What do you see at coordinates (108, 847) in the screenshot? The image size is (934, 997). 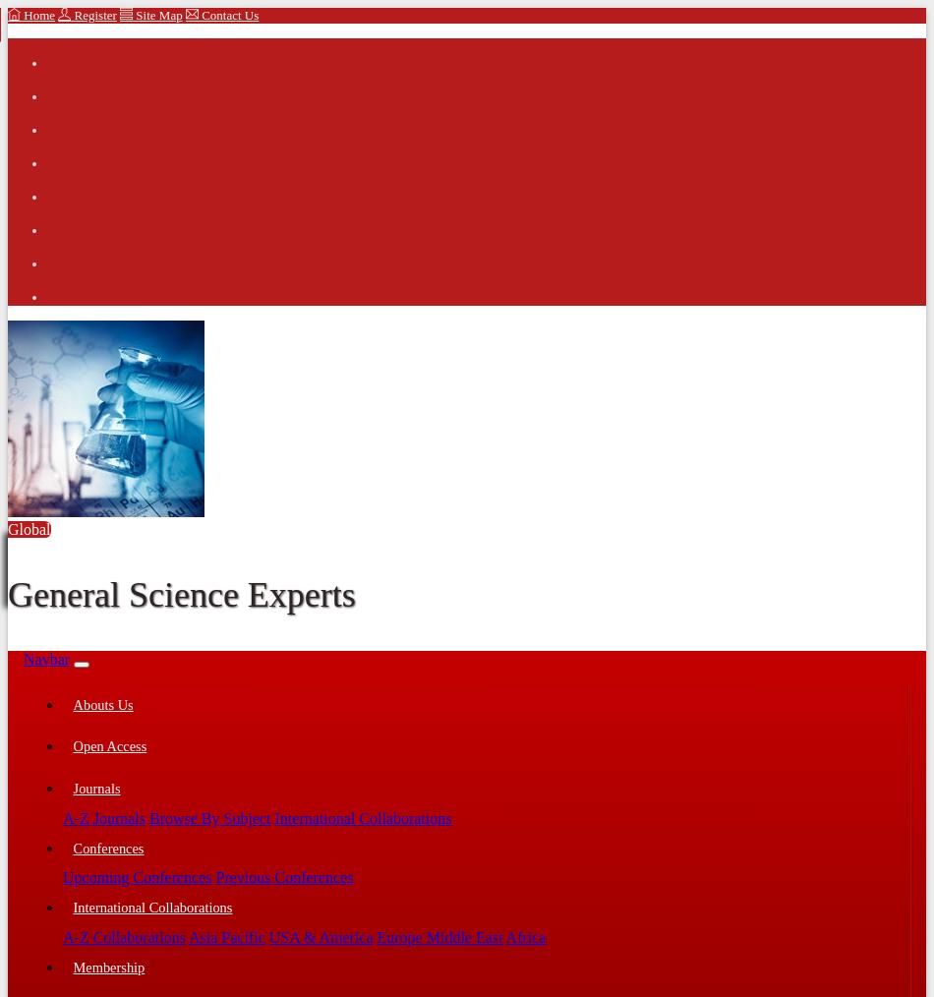 I see `'Conferences'` at bounding box center [108, 847].